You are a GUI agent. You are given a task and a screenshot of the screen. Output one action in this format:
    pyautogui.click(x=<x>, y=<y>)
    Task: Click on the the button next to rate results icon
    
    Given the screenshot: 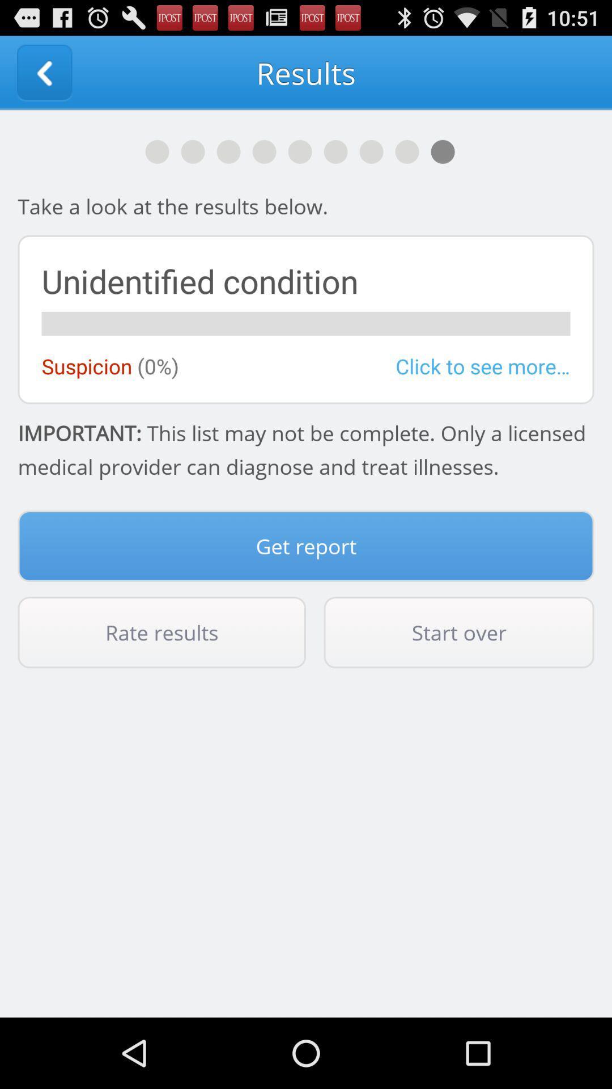 What is the action you would take?
    pyautogui.click(x=459, y=632)
    